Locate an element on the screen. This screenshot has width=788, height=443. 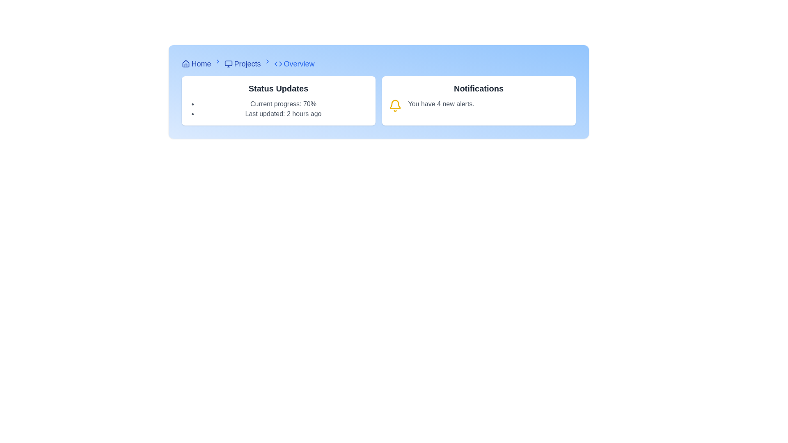
the SVG icon depicting two pointed brackets, located to the left of the text 'Overview' and right after the breadcrumb navigation link 'Projects' is located at coordinates (278, 63).